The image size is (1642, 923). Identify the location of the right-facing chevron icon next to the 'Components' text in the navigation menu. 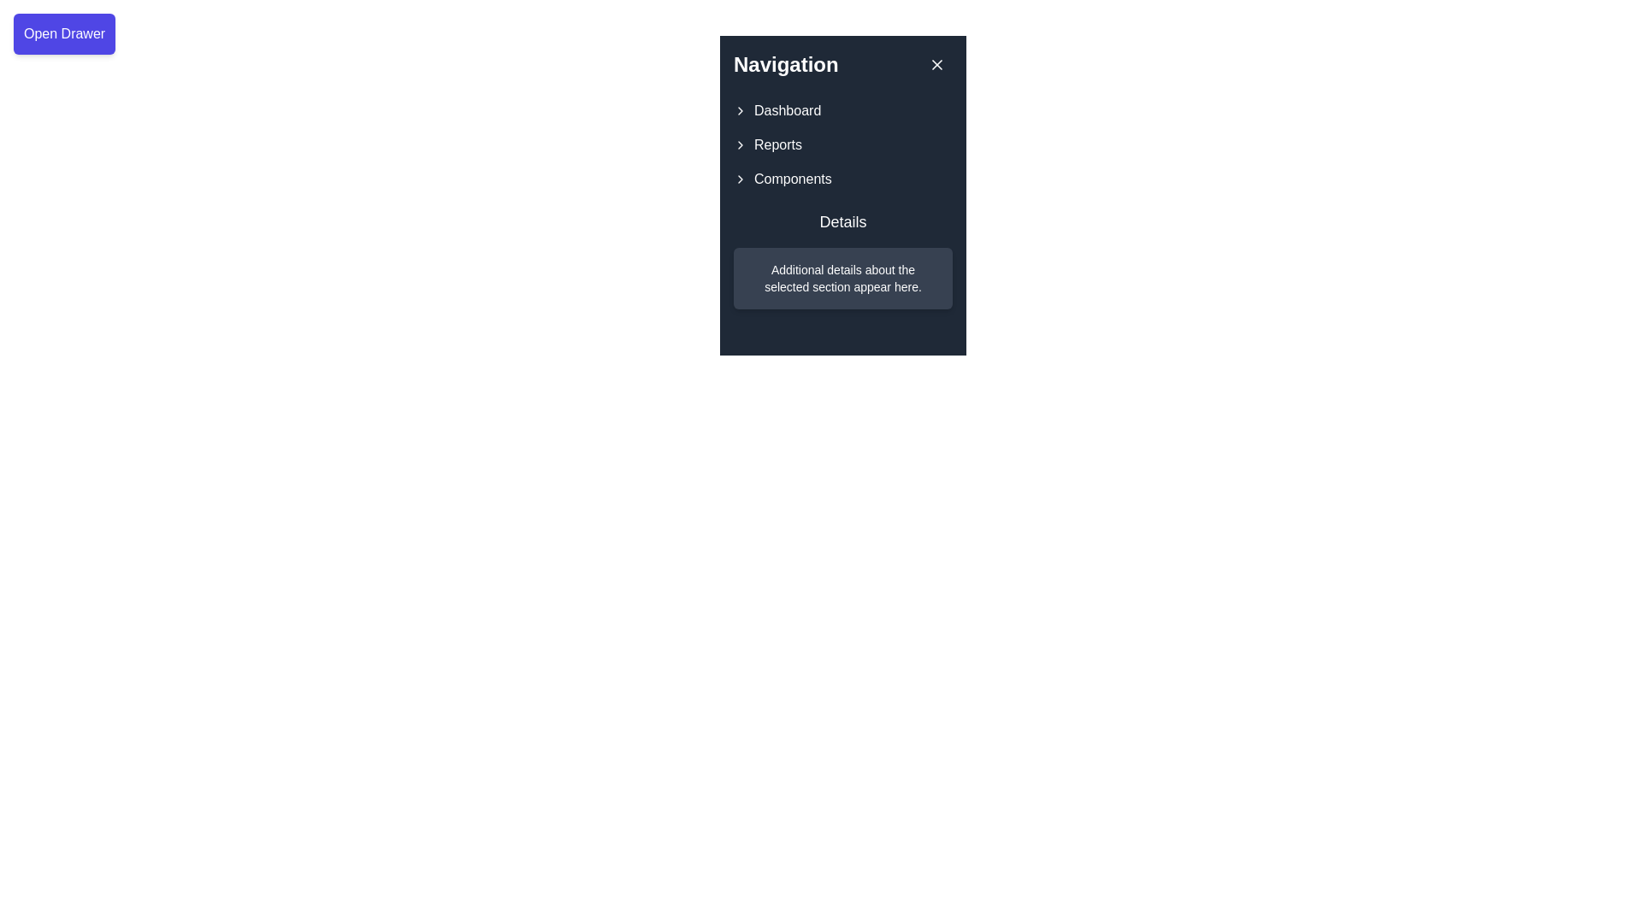
(740, 179).